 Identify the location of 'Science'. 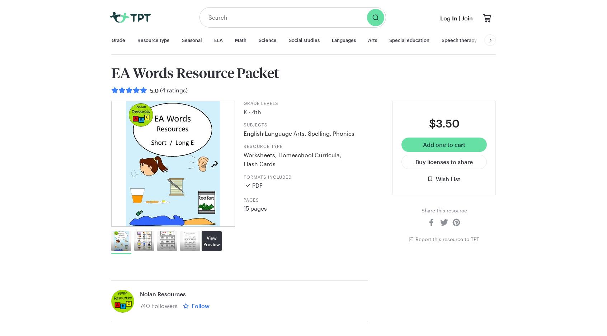
(267, 39).